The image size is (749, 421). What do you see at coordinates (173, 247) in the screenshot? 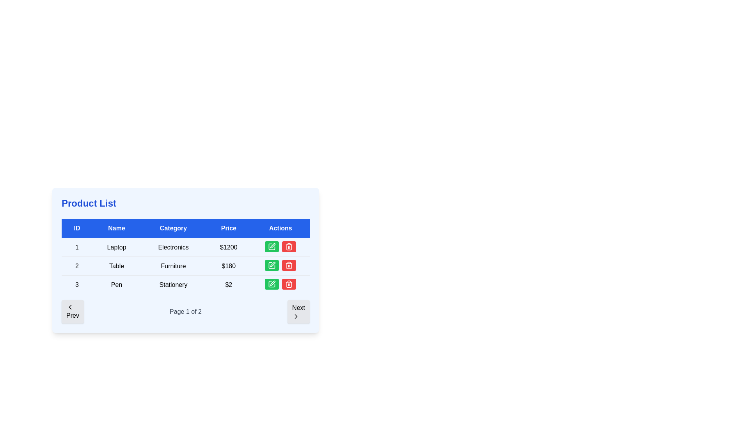
I see `the text element indicating the category of the product in the first row of the table, which is located between 'Laptop' and '$1200'` at bounding box center [173, 247].